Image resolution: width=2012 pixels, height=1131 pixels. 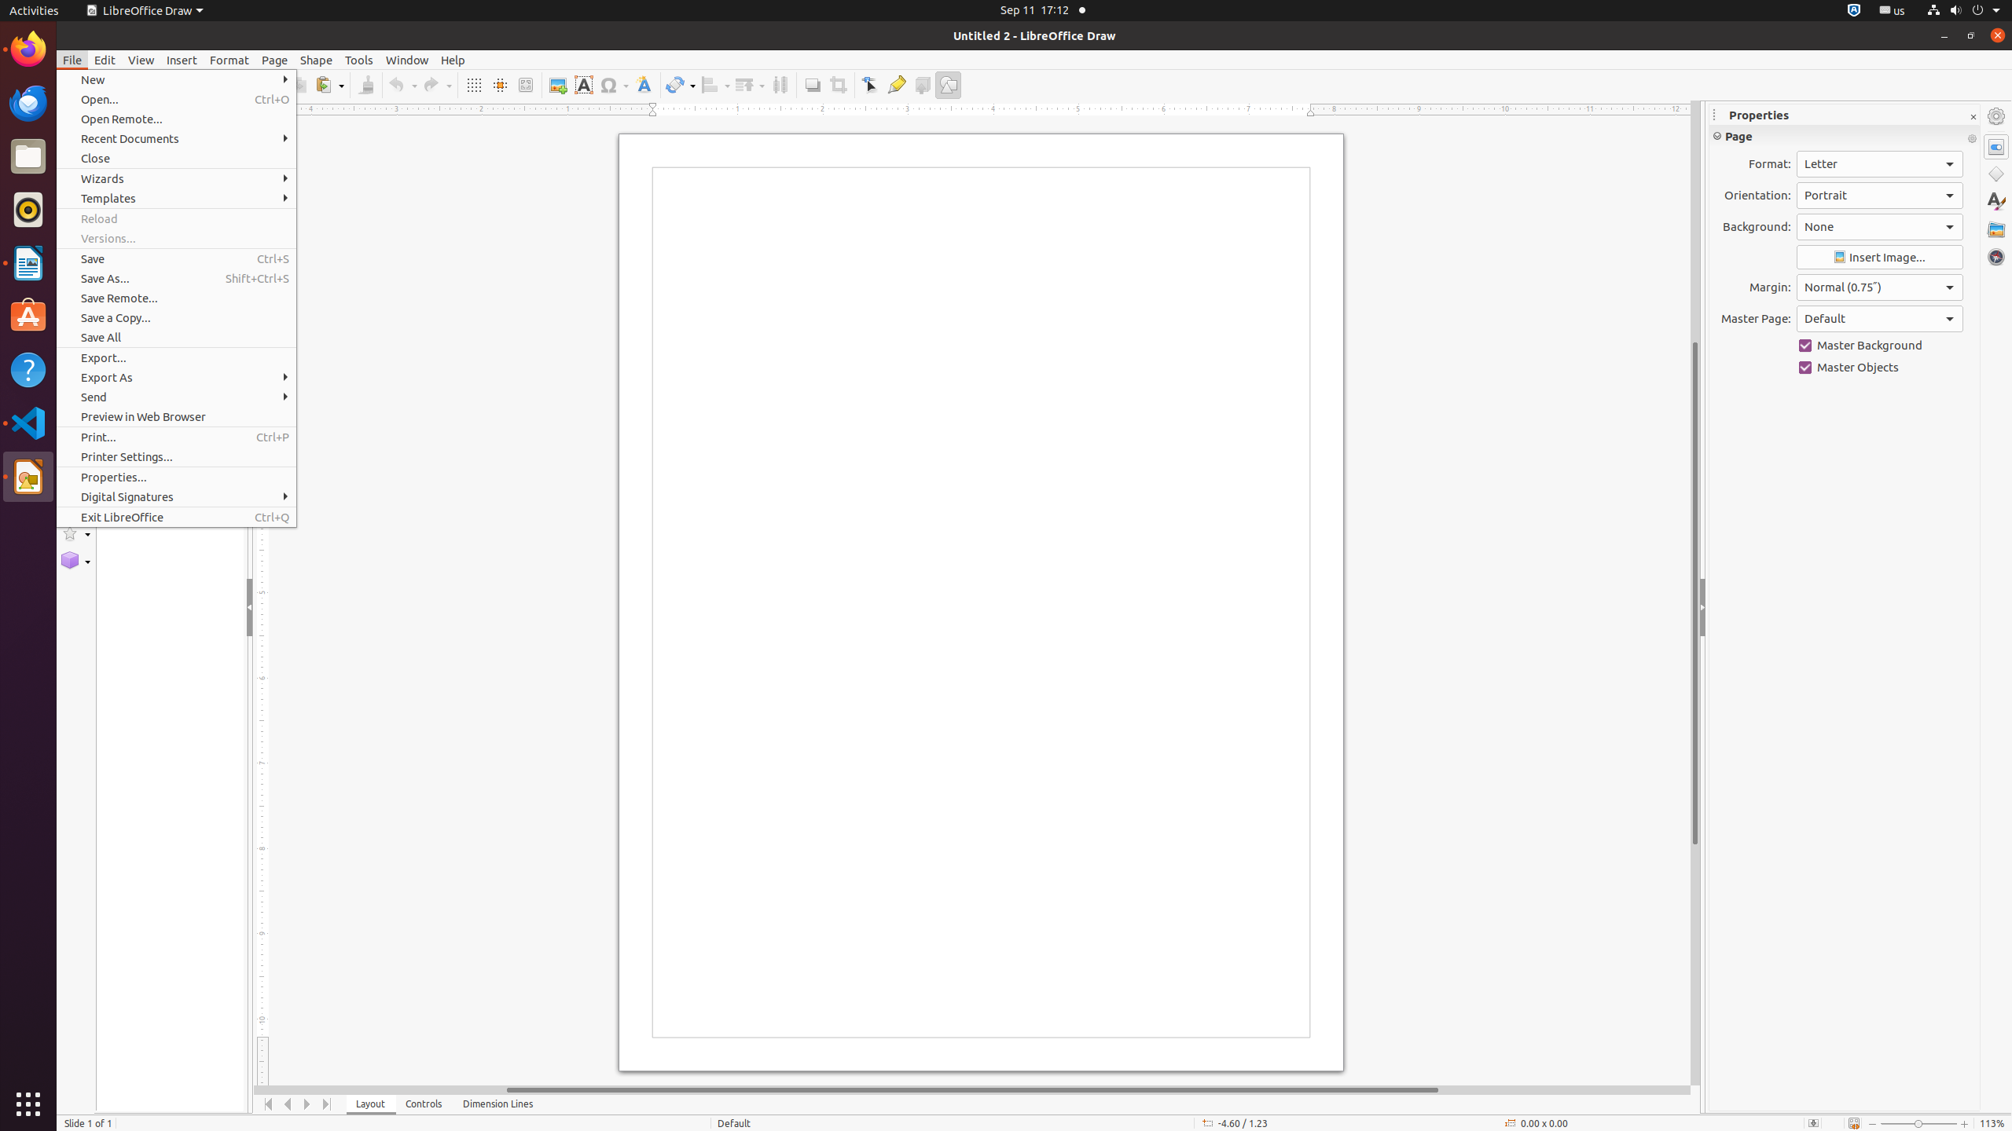 What do you see at coordinates (525, 84) in the screenshot?
I see `'Zoom & Pan'` at bounding box center [525, 84].